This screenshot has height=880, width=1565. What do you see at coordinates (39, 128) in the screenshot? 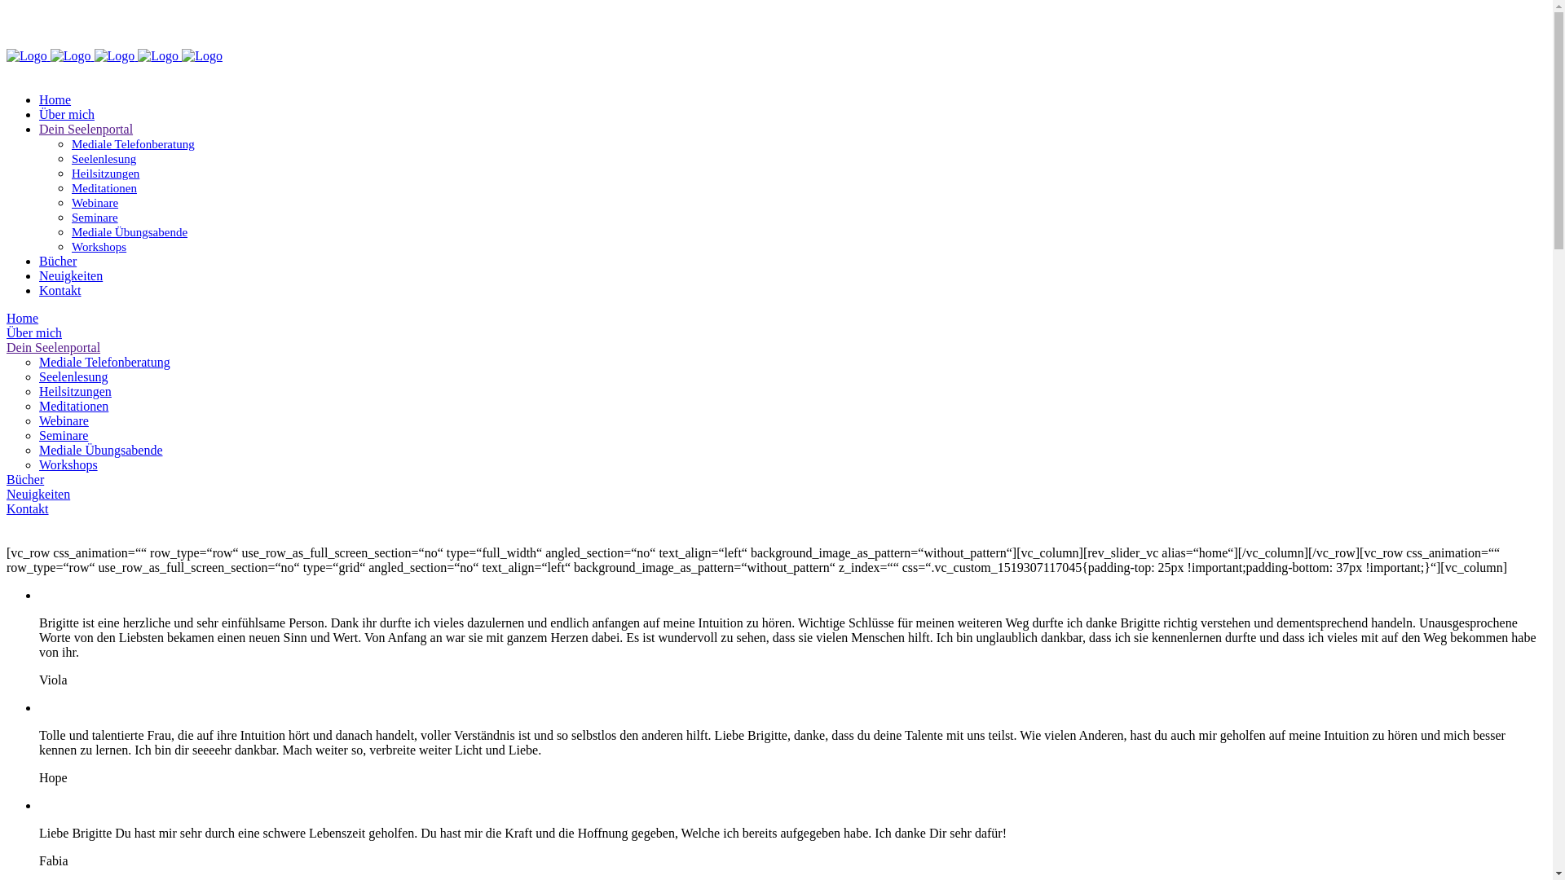
I see `'Dein Seelenportal'` at bounding box center [39, 128].